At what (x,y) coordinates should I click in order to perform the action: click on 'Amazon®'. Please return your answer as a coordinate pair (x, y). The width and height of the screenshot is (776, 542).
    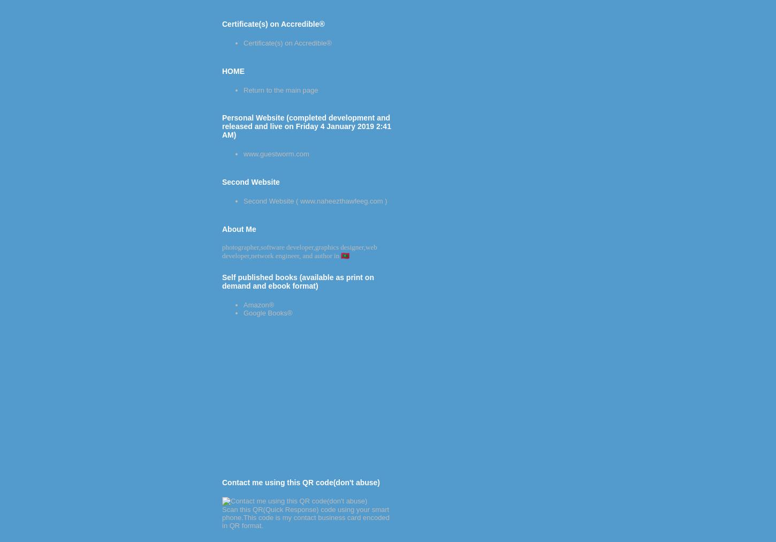
    Looking at the image, I should click on (243, 304).